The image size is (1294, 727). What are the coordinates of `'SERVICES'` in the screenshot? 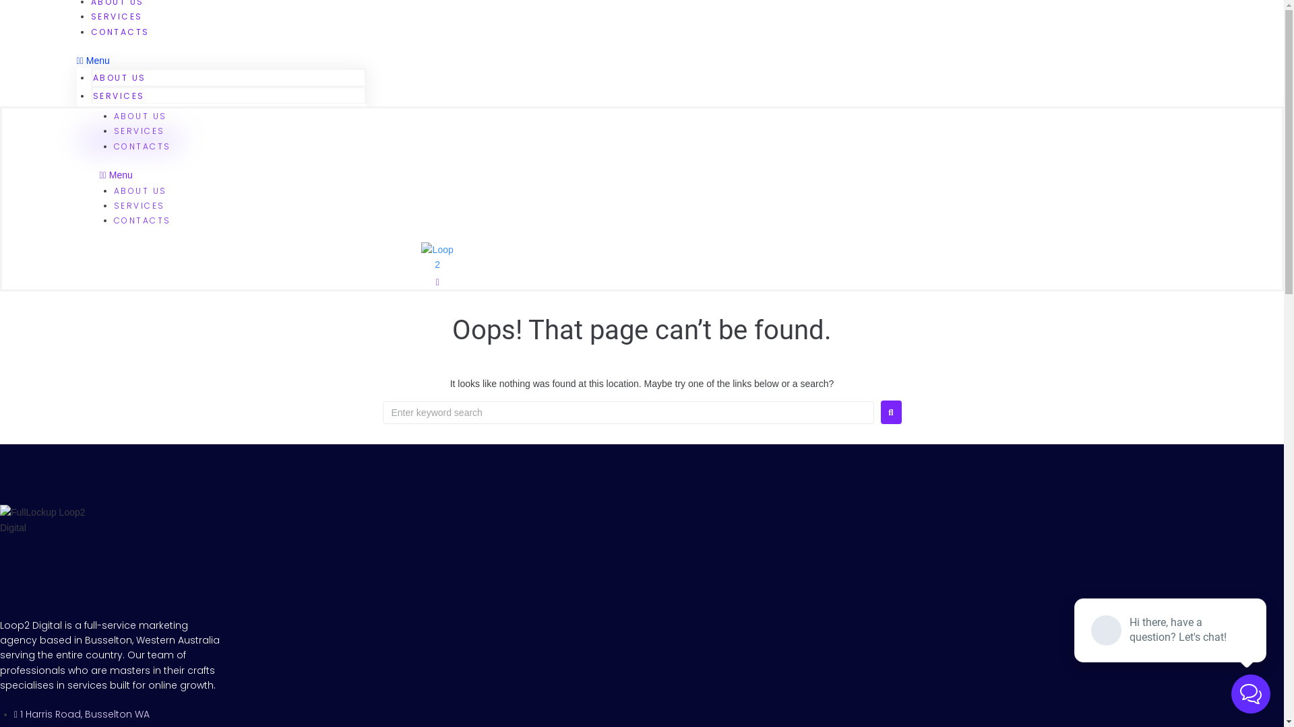 It's located at (139, 205).